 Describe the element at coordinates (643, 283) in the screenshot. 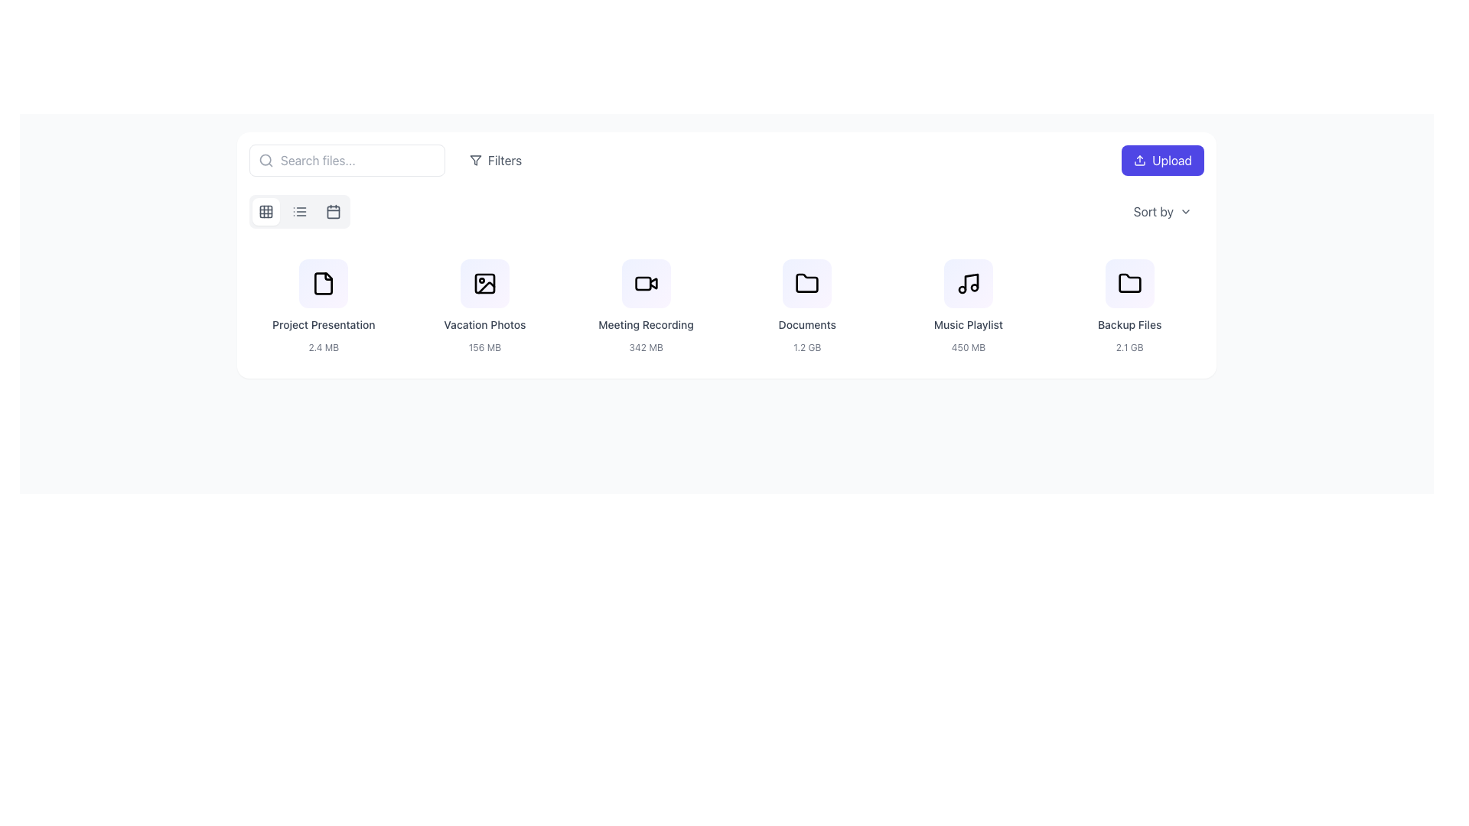

I see `the rectangular shape with rounded corners inside the video camera icon associated with the 'Meeting Recording' file, which is the third icon from the left in the row of file entries` at that location.